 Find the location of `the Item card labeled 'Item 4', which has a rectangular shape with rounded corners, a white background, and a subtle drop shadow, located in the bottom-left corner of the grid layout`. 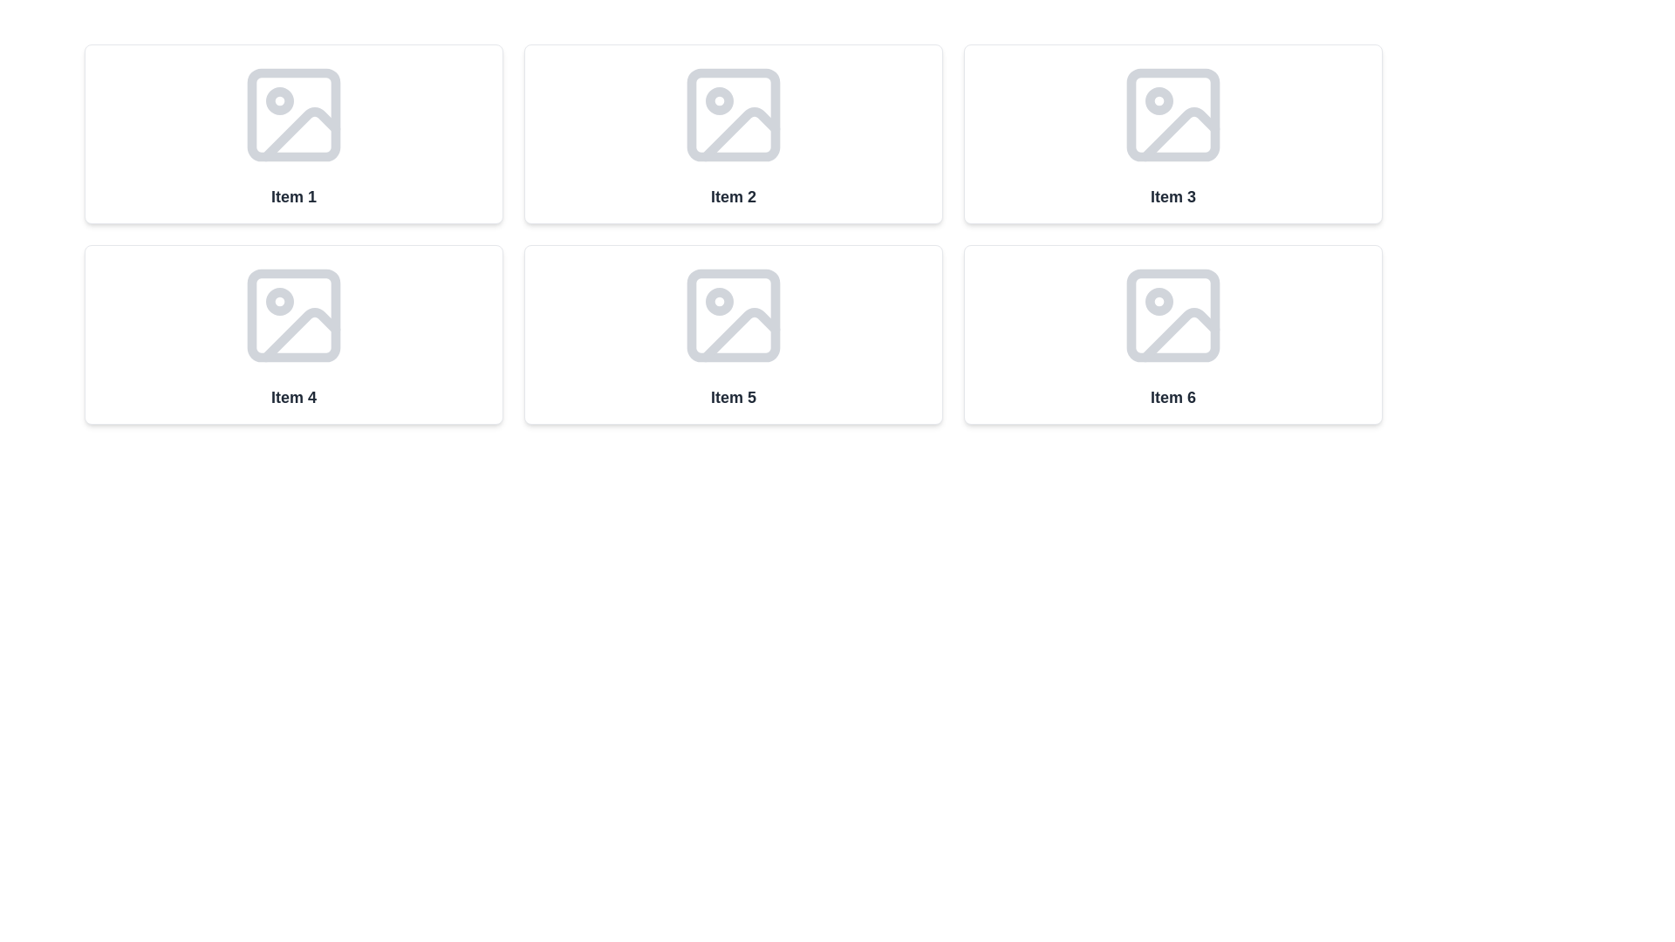

the Item card labeled 'Item 4', which has a rectangular shape with rounded corners, a white background, and a subtle drop shadow, located in the bottom-left corner of the grid layout is located at coordinates (293, 335).